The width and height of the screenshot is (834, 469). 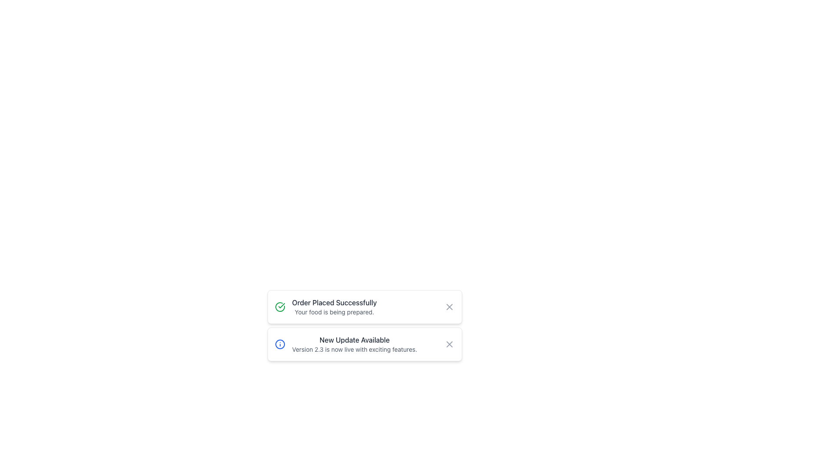 I want to click on the diagonal line forming part of the 'X' shape within the notification card titled 'Order Placed Successfully', so click(x=449, y=306).